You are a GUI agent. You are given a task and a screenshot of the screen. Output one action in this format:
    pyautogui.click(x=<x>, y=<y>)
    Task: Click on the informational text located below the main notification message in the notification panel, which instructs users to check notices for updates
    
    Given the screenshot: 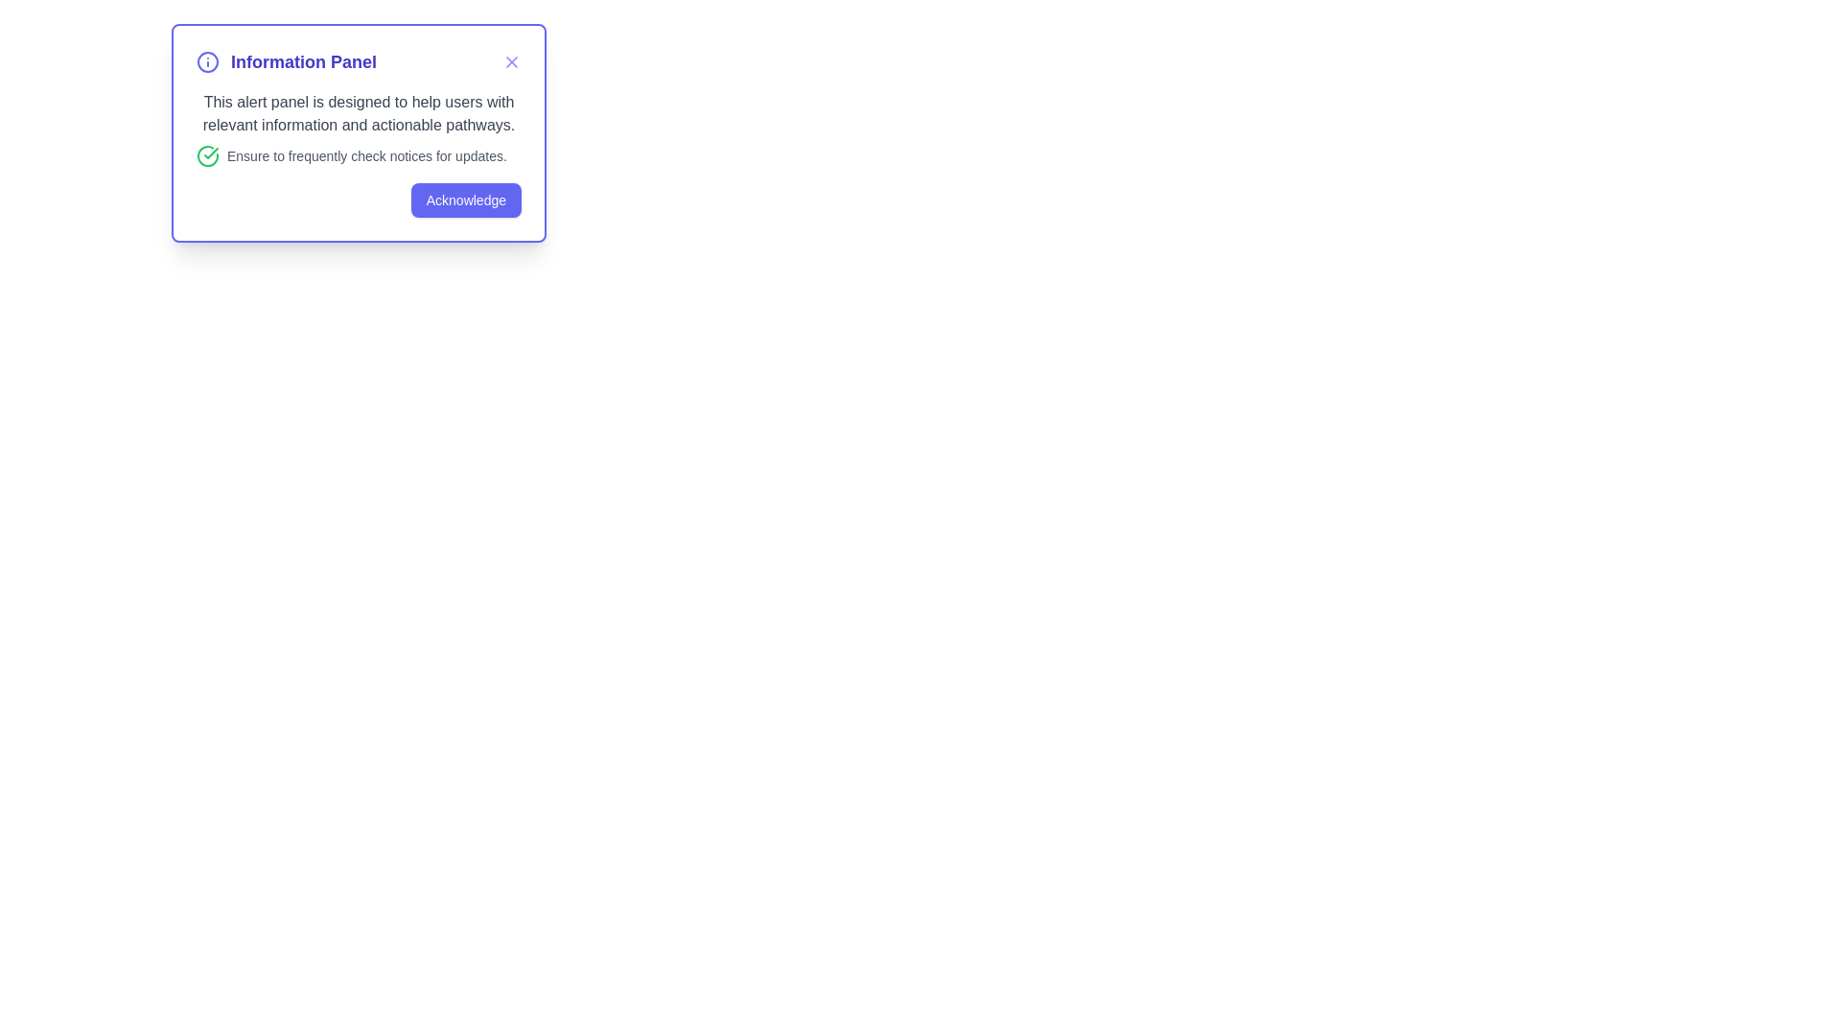 What is the action you would take?
    pyautogui.click(x=359, y=154)
    